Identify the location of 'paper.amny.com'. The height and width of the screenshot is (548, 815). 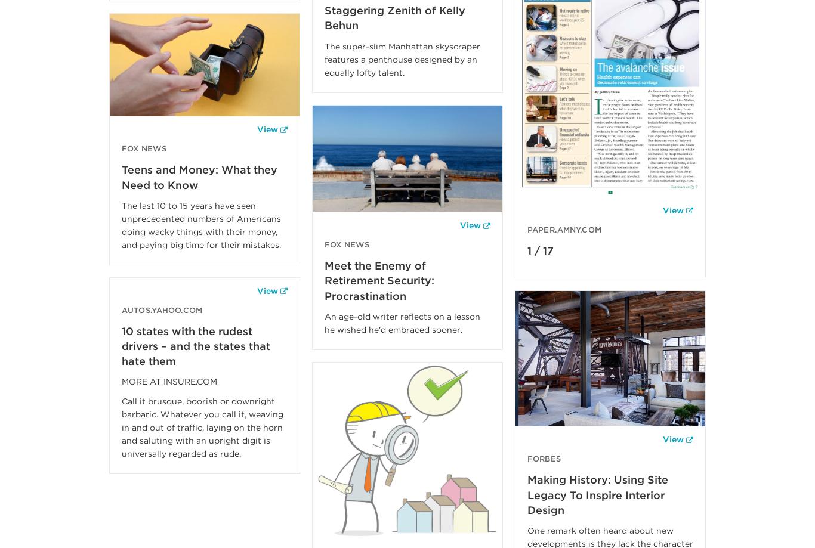
(526, 229).